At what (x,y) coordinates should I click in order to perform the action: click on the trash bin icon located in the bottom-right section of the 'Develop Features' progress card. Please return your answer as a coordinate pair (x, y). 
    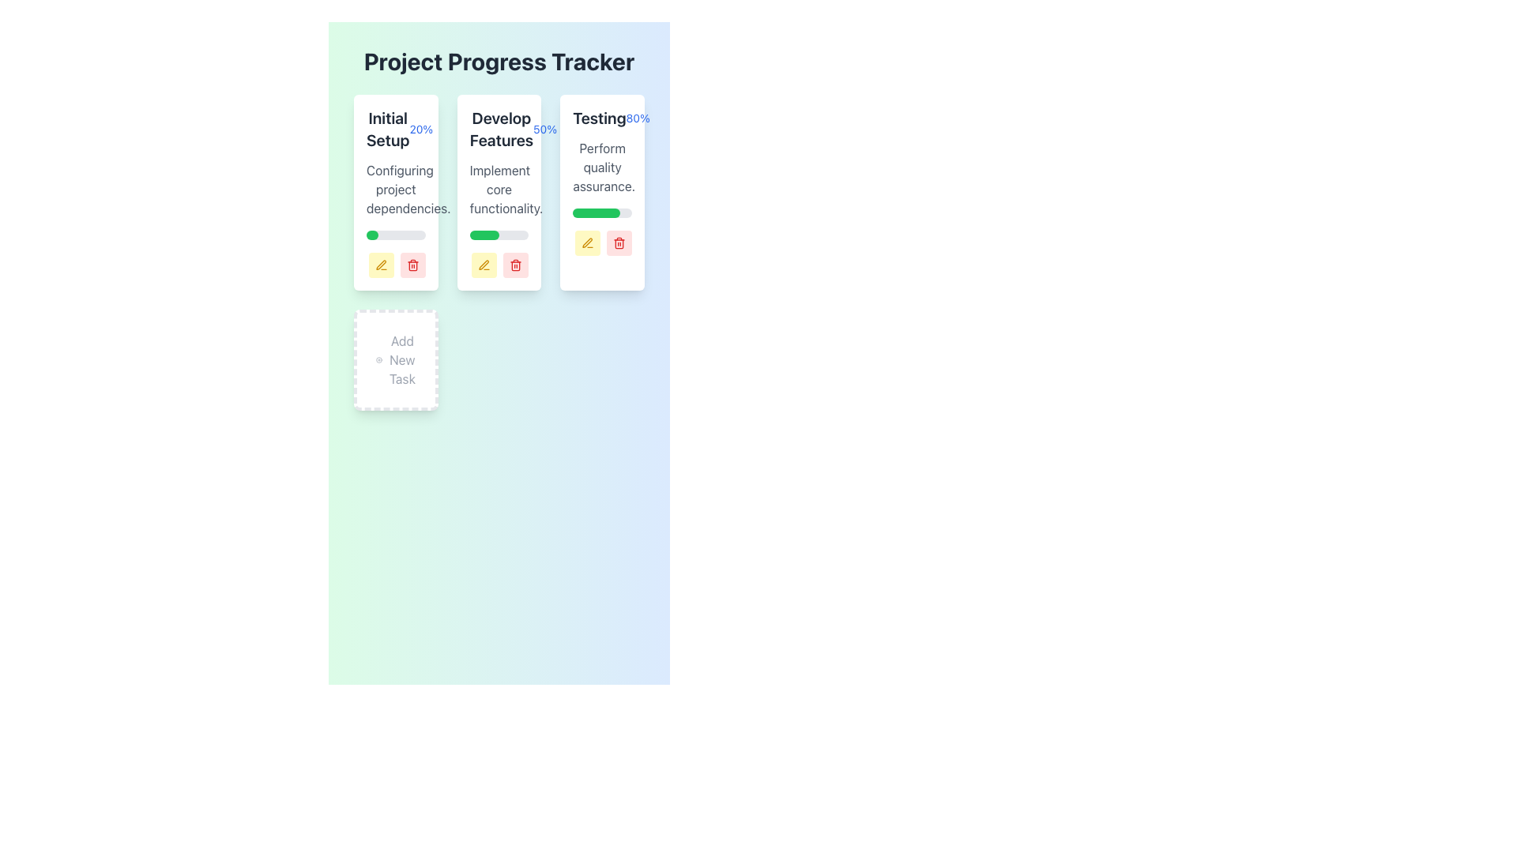
    Looking at the image, I should click on (516, 265).